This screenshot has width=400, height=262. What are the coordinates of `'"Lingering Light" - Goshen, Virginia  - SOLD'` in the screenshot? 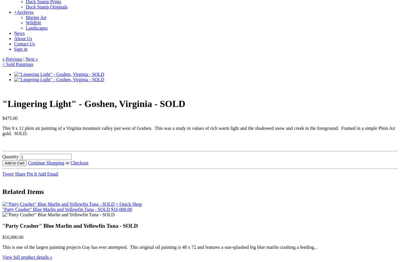 It's located at (94, 103).